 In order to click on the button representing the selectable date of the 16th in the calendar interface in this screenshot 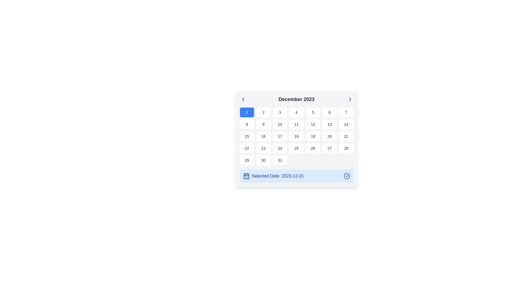, I will do `click(263, 136)`.